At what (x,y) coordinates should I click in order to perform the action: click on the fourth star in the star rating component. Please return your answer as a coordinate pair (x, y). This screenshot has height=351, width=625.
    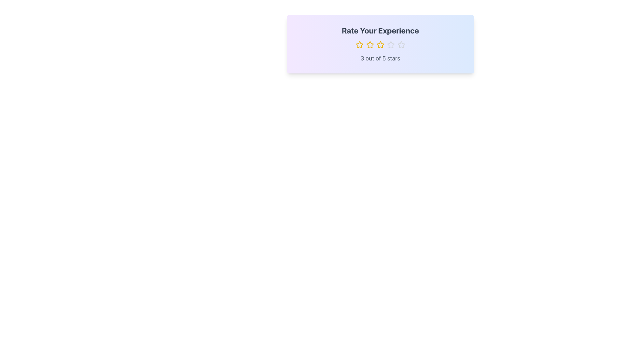
    Looking at the image, I should click on (391, 44).